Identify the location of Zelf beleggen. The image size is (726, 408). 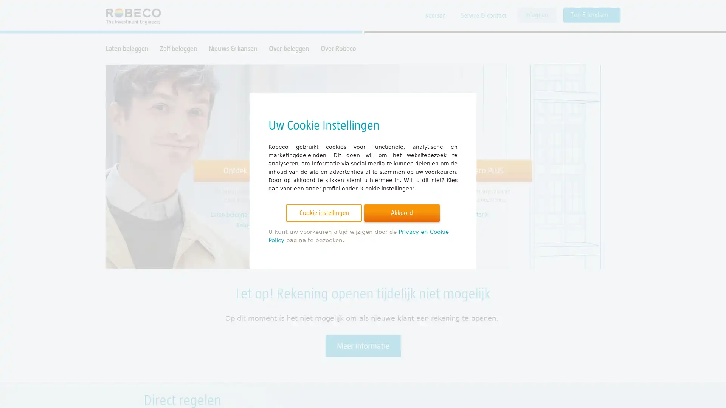
(178, 48).